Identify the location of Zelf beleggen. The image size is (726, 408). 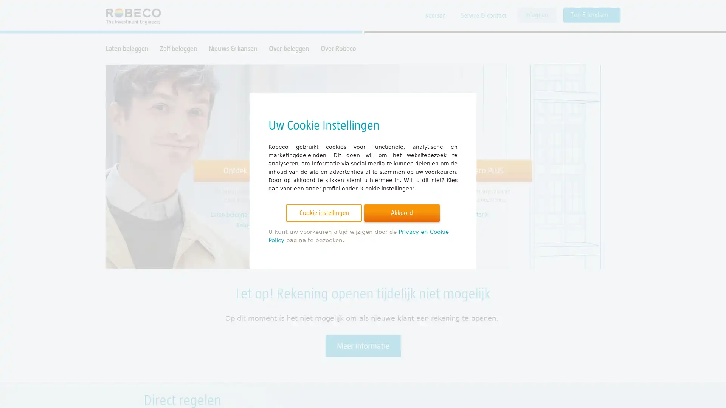
(178, 48).